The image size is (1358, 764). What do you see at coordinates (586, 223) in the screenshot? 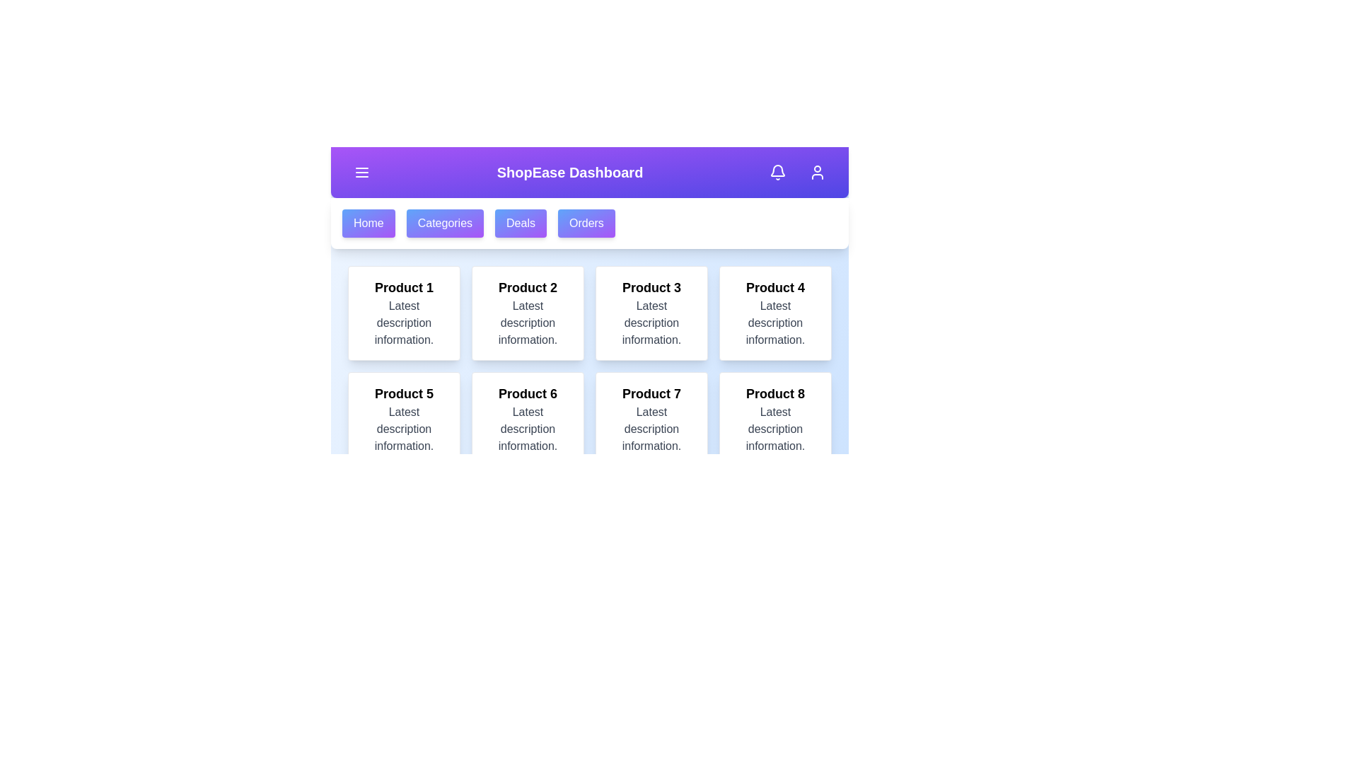
I see `the navigation menu option Orders` at bounding box center [586, 223].